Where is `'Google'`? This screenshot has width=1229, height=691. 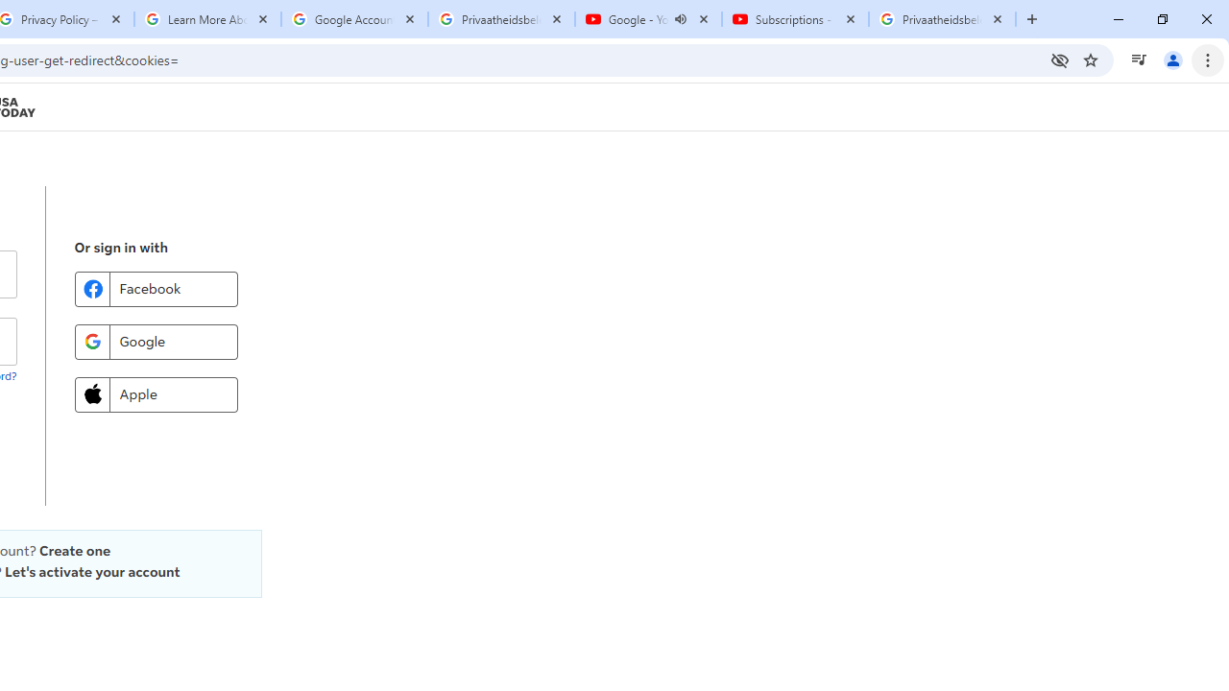
'Google' is located at coordinates (156, 341).